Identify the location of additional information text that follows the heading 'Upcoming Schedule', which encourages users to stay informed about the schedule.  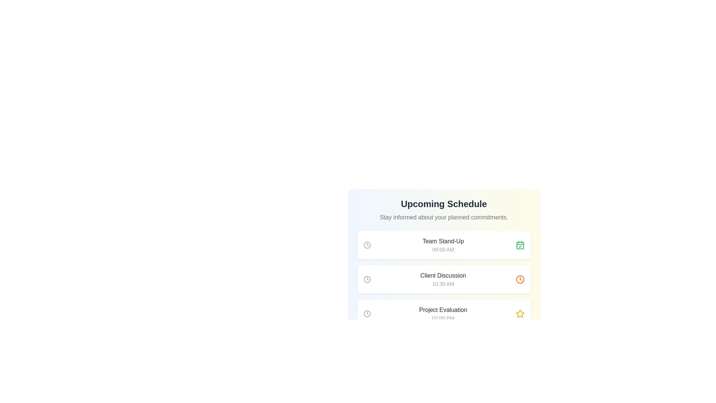
(444, 217).